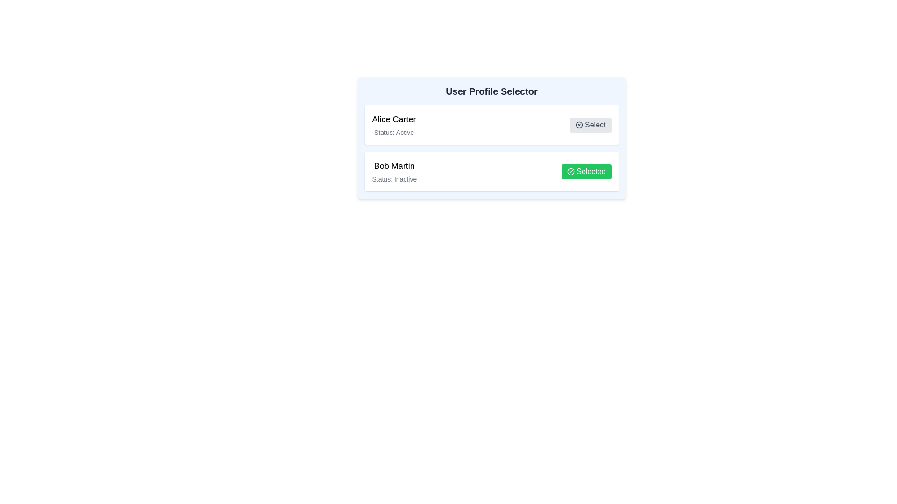 The height and width of the screenshot is (504, 897). What do you see at coordinates (585, 171) in the screenshot?
I see `the profile Bob Martin` at bounding box center [585, 171].